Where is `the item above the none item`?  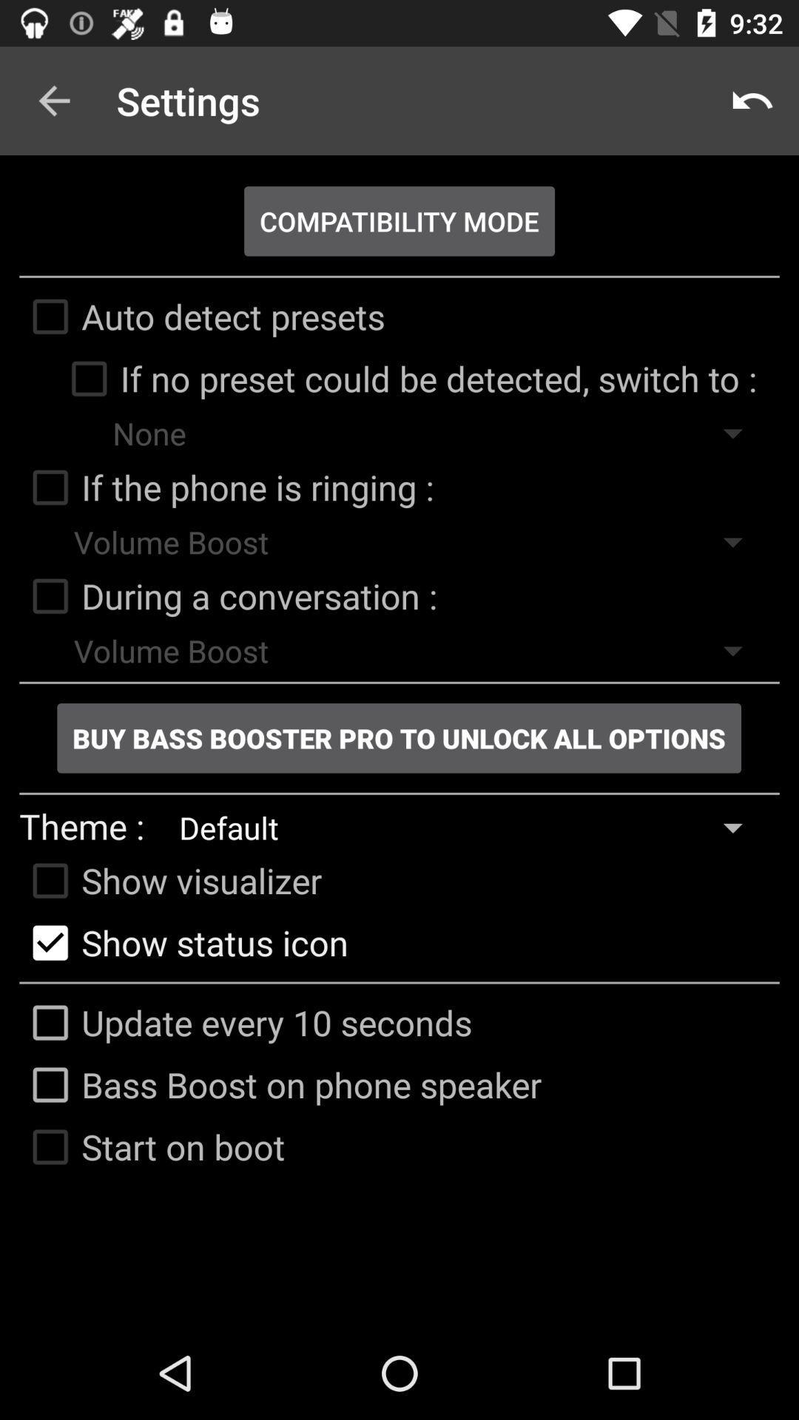
the item above the none item is located at coordinates (407, 379).